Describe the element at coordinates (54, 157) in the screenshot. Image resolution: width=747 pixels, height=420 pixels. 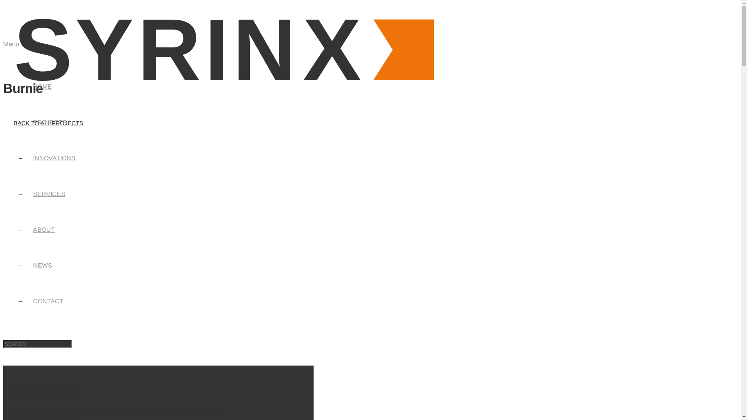
I see `'INNOVATIONS'` at that location.